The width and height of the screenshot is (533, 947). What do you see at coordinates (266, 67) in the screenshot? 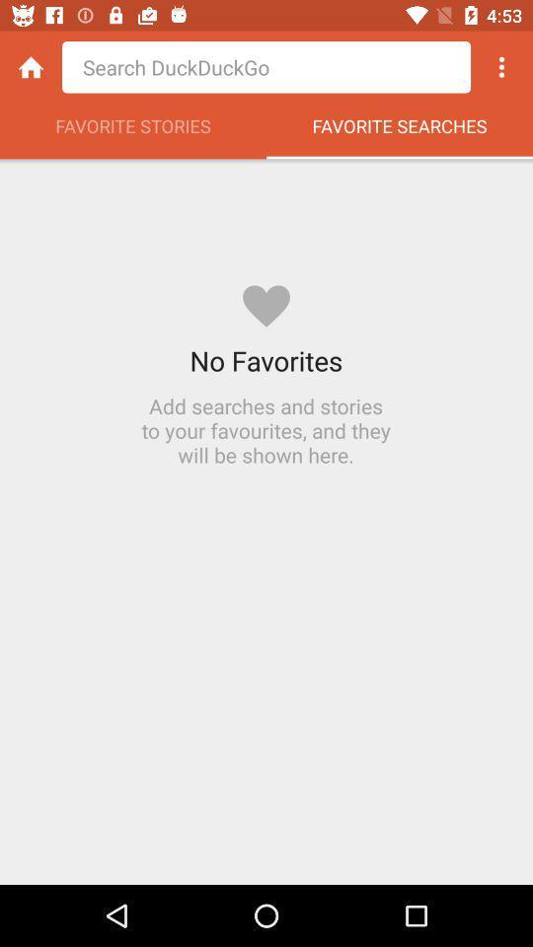
I see `search` at bounding box center [266, 67].